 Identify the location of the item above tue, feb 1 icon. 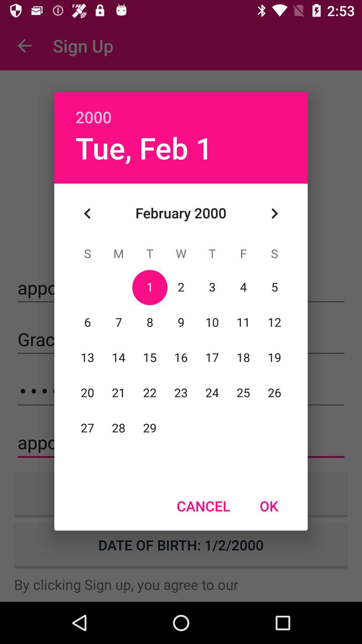
(181, 110).